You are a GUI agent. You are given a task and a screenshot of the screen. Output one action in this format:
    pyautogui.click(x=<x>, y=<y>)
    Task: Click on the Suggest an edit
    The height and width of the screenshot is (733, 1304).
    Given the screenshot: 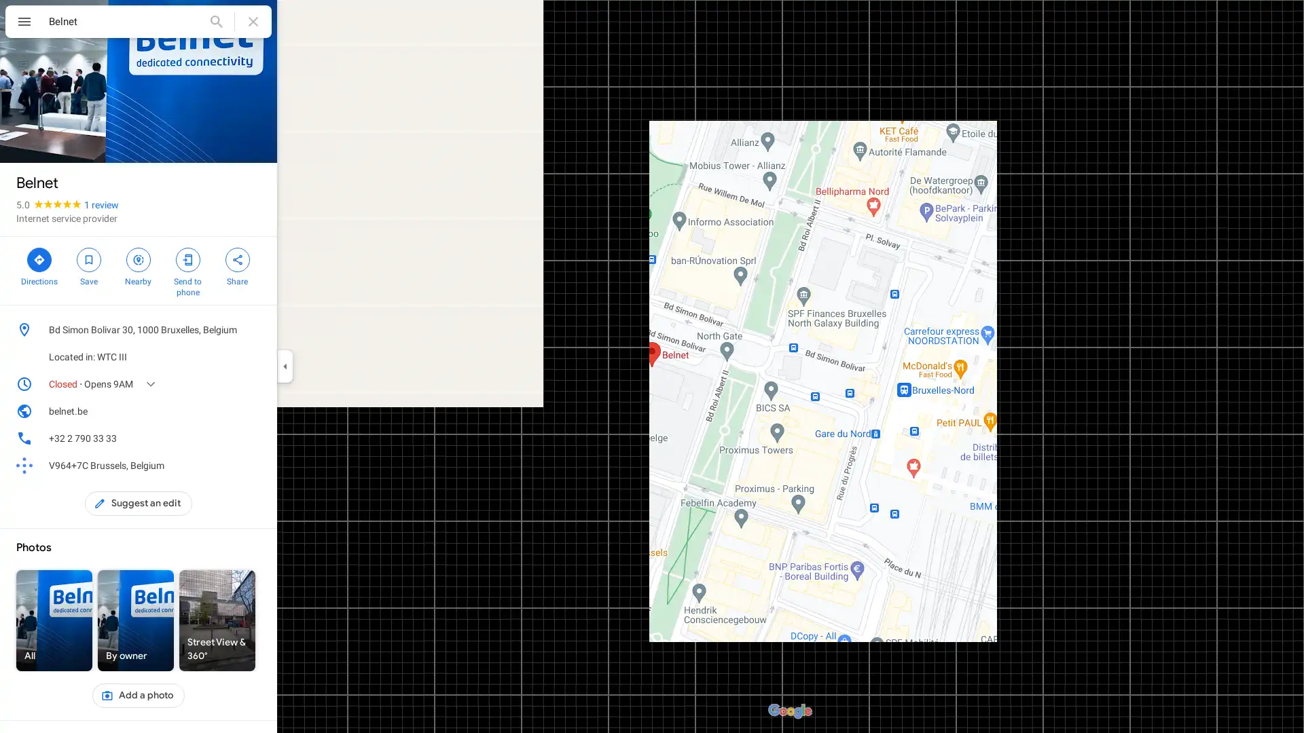 What is the action you would take?
    pyautogui.click(x=139, y=503)
    